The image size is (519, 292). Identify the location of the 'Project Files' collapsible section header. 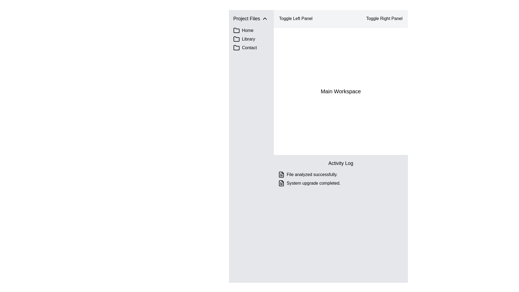
(251, 18).